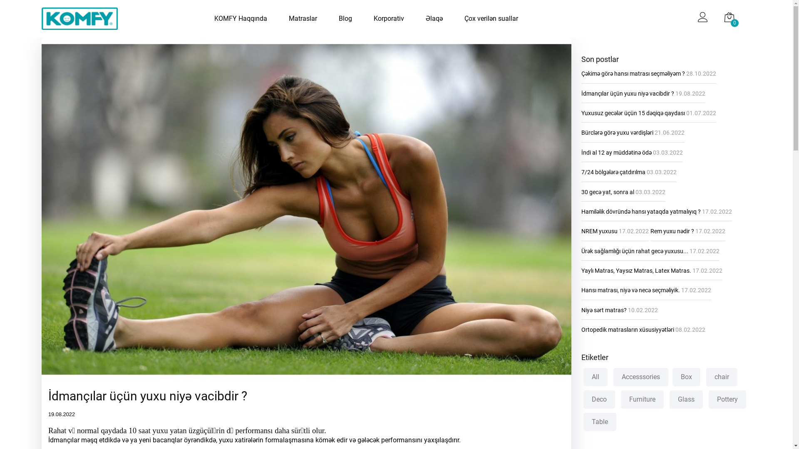 This screenshot has width=799, height=449. Describe the element at coordinates (642, 399) in the screenshot. I see `'Furniture'` at that location.